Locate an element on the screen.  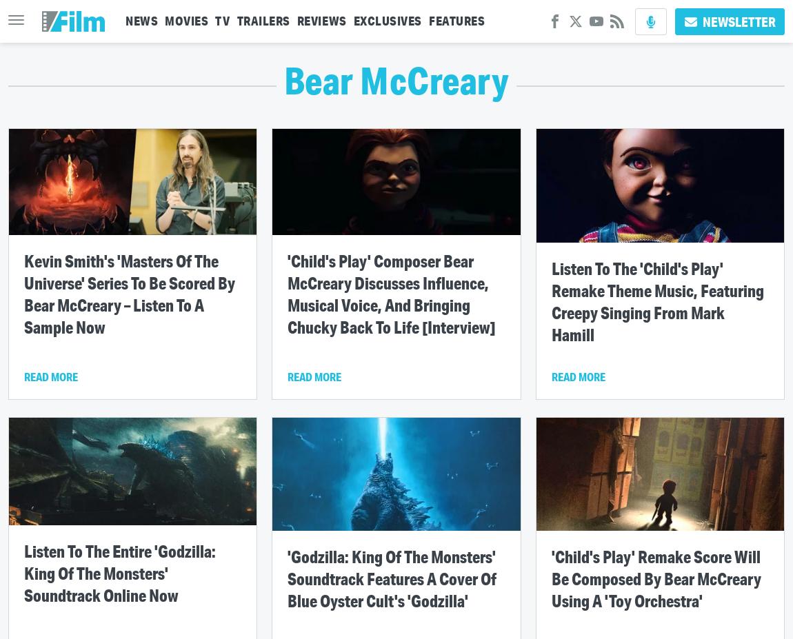
''Godzilla: King Of The Monsters' Soundtrack Features A Cover Of Blue Oyster Cult's 'Godzilla'' is located at coordinates (392, 578).